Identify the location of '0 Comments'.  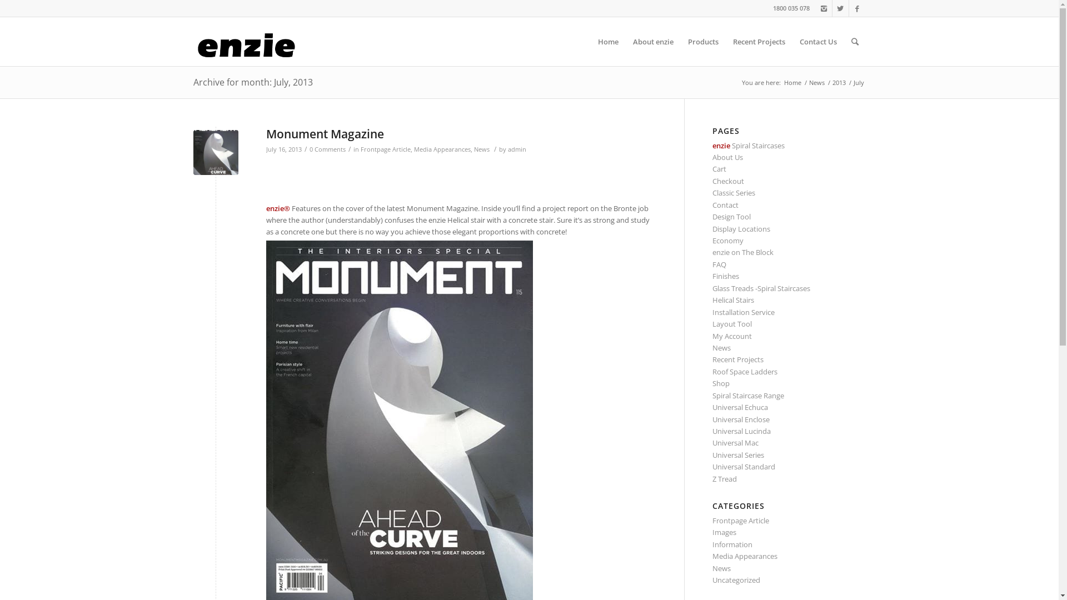
(326, 149).